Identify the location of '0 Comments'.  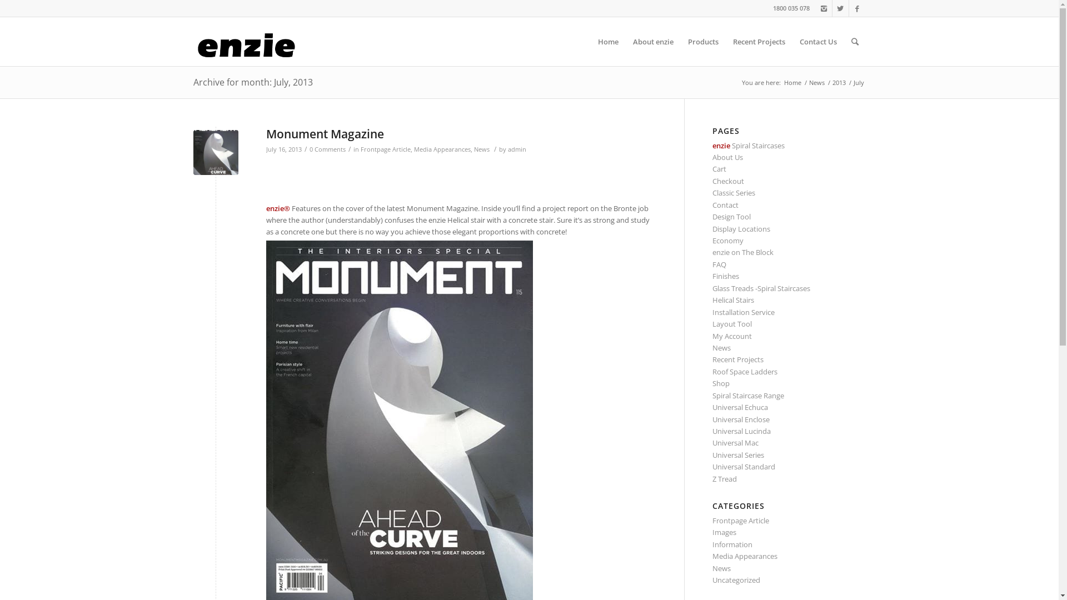
(326, 149).